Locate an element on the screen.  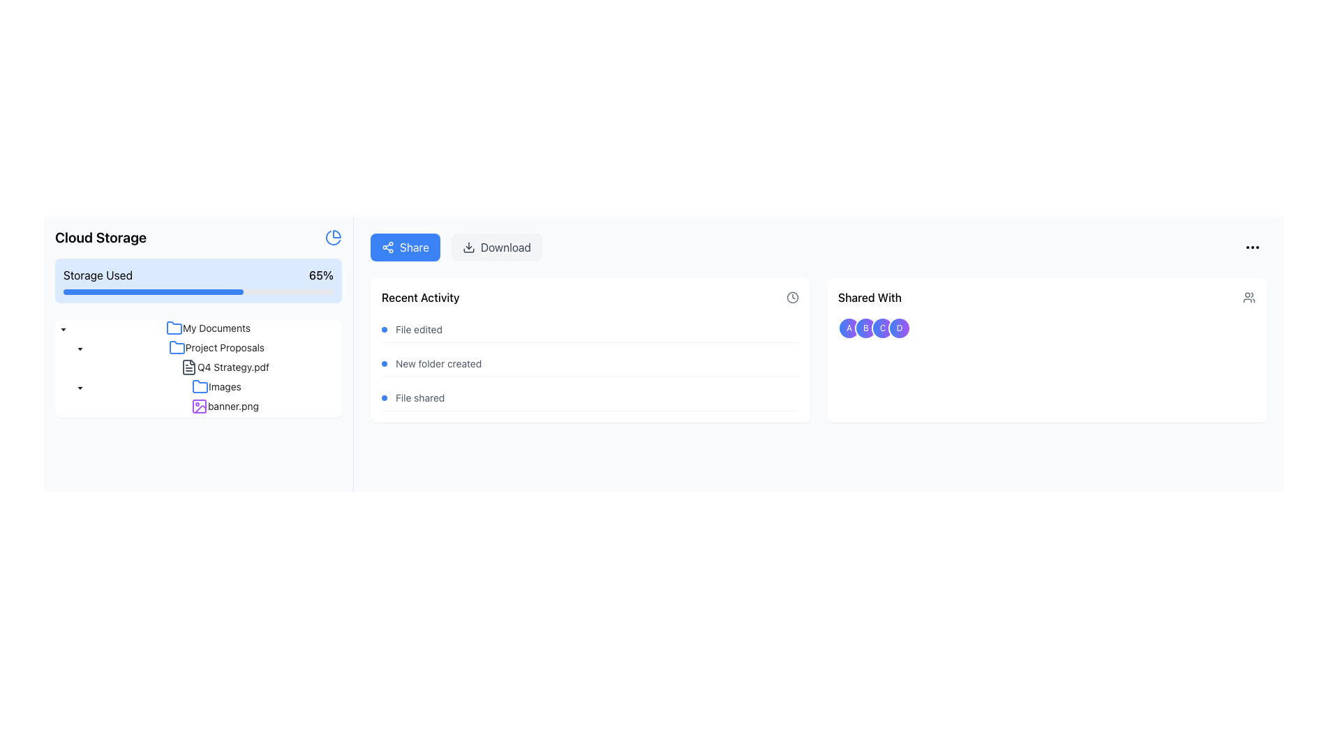
the 'My Documents' folder icon in the left-aligned Cloud Storage pane is located at coordinates (173, 328).